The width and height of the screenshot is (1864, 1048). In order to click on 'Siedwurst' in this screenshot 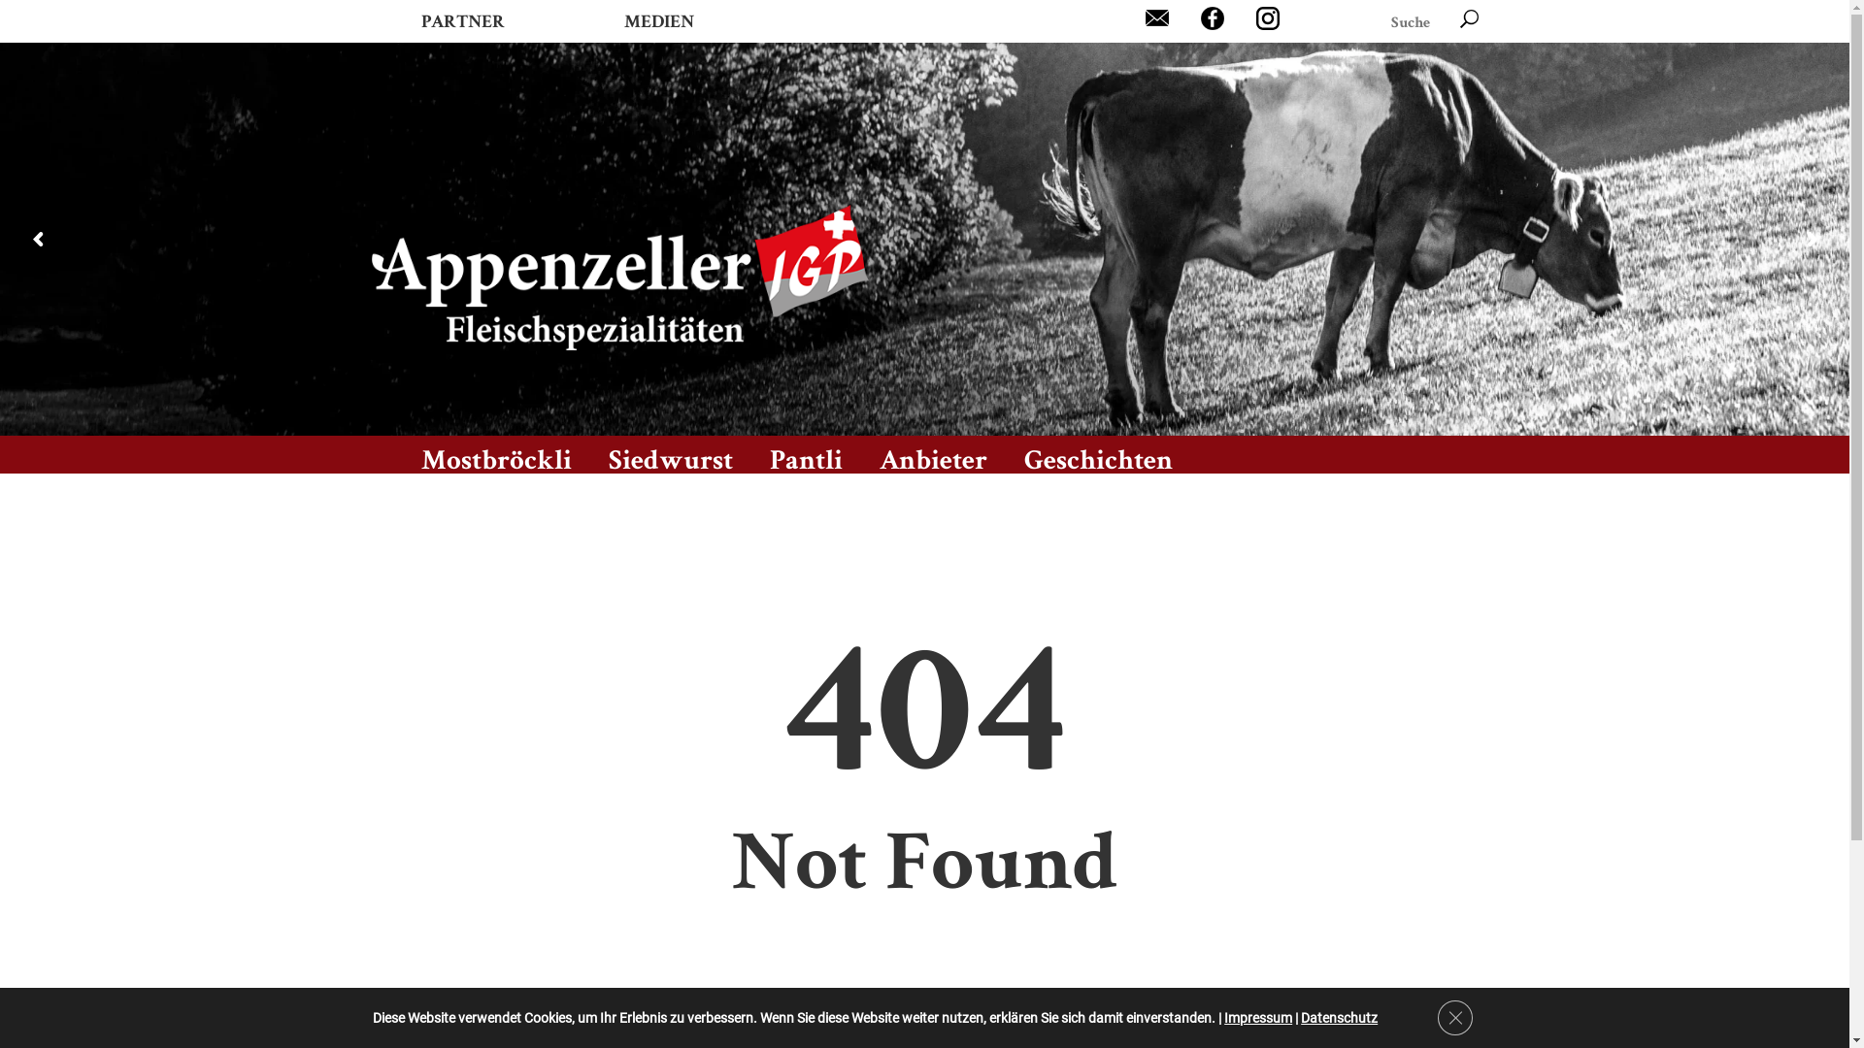, I will do `click(606, 454)`.